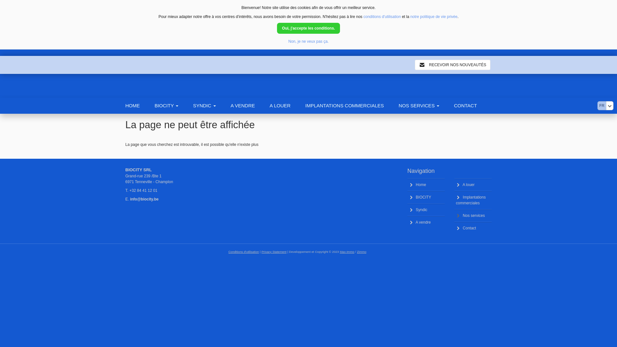 The height and width of the screenshot is (347, 617). Describe the element at coordinates (139, 105) in the screenshot. I see `'HOME'` at that location.